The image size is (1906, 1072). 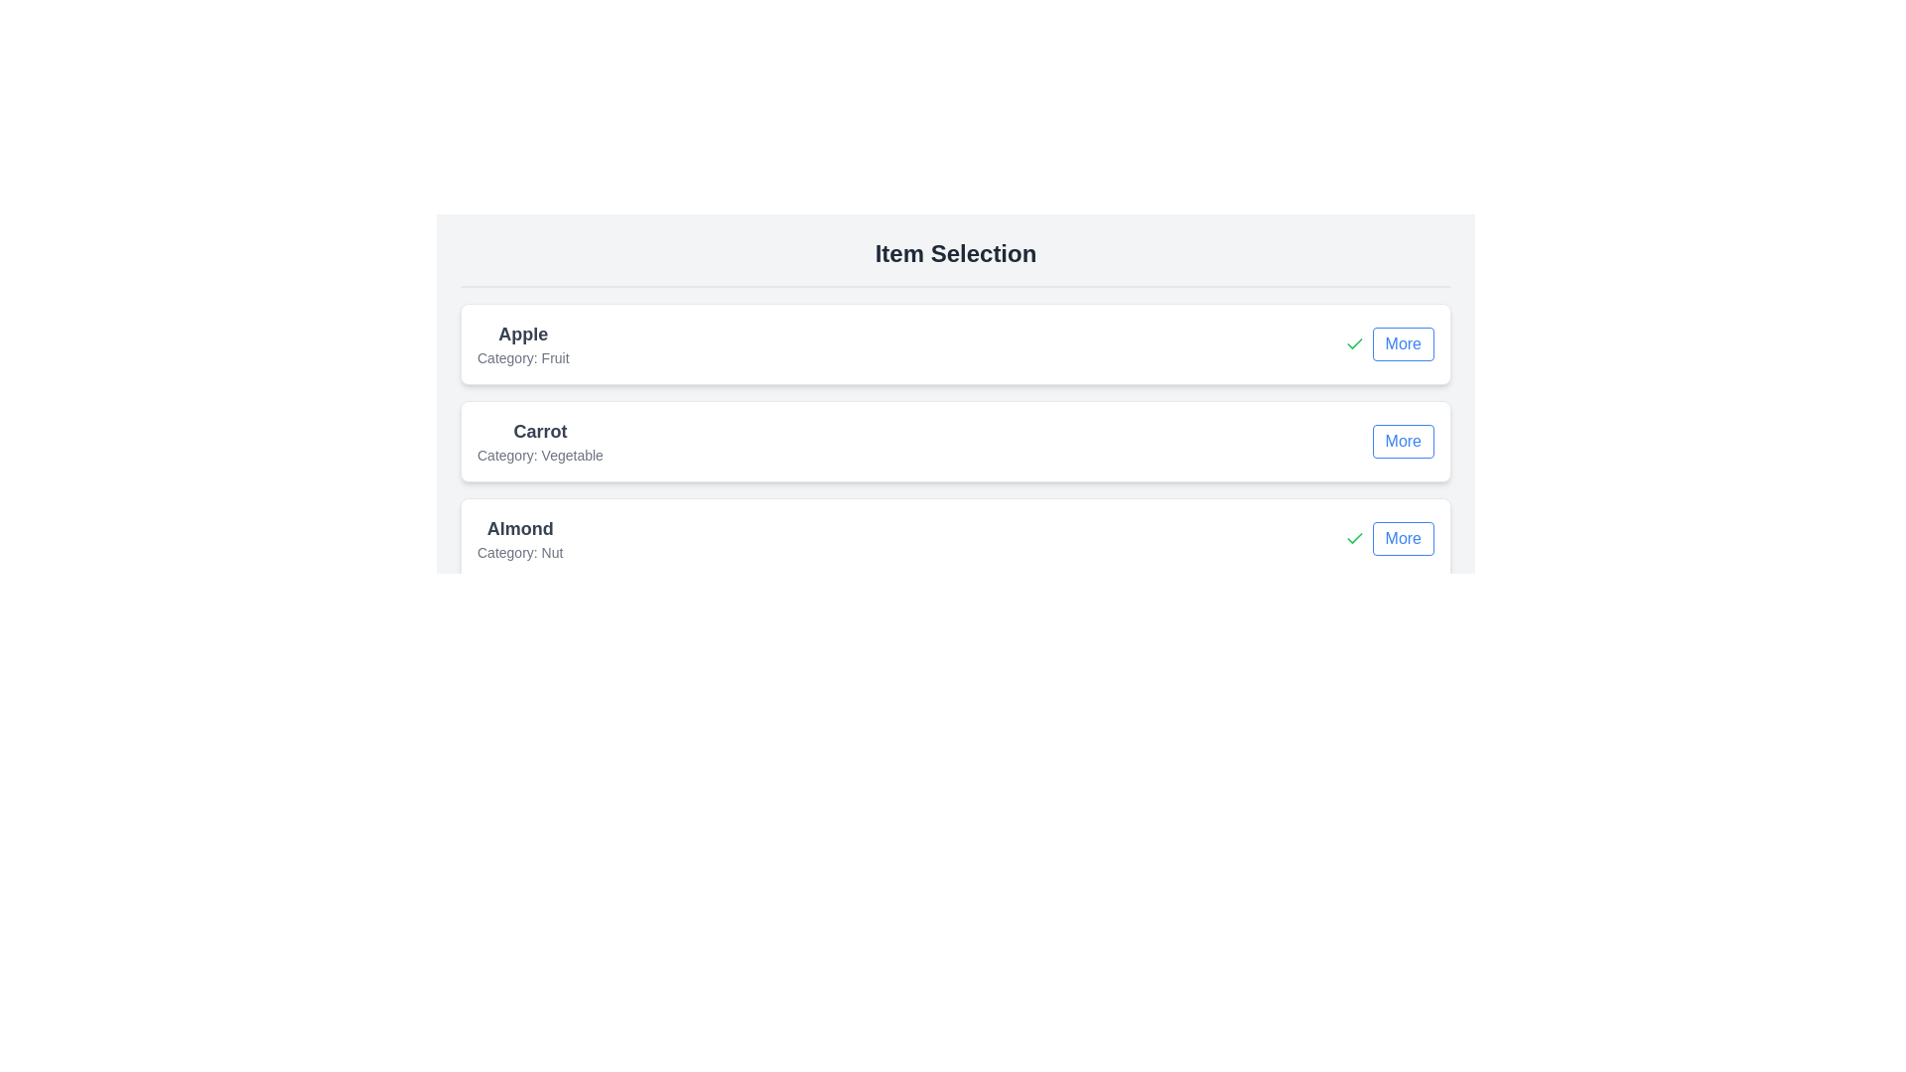 I want to click on the button labeled 'More' with a blue border, so click(x=1402, y=343).